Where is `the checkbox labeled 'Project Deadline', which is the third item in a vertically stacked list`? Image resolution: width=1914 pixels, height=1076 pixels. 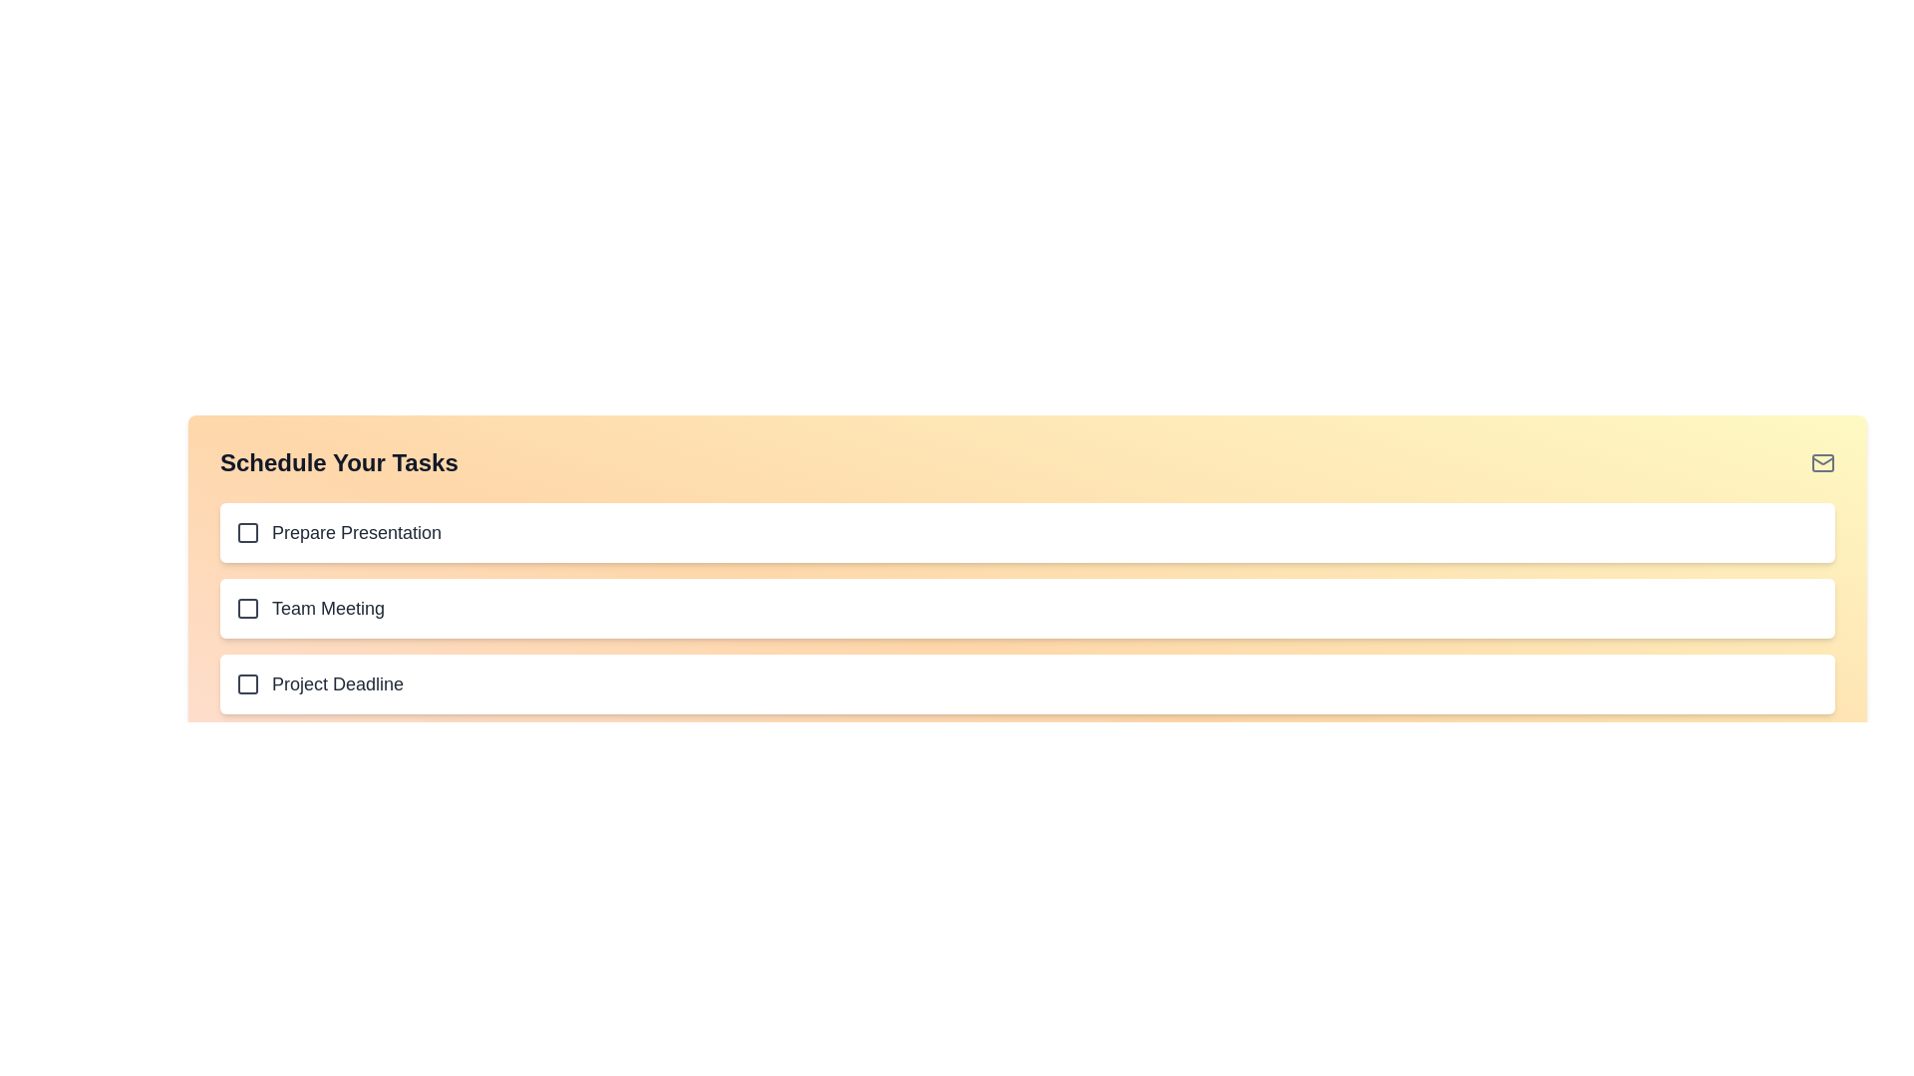
the checkbox labeled 'Project Deadline', which is the third item in a vertically stacked list is located at coordinates (1028, 682).